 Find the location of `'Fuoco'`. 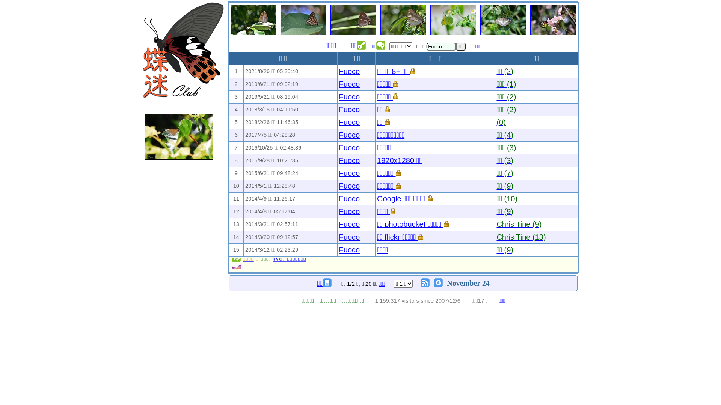

'Fuoco' is located at coordinates (349, 173).